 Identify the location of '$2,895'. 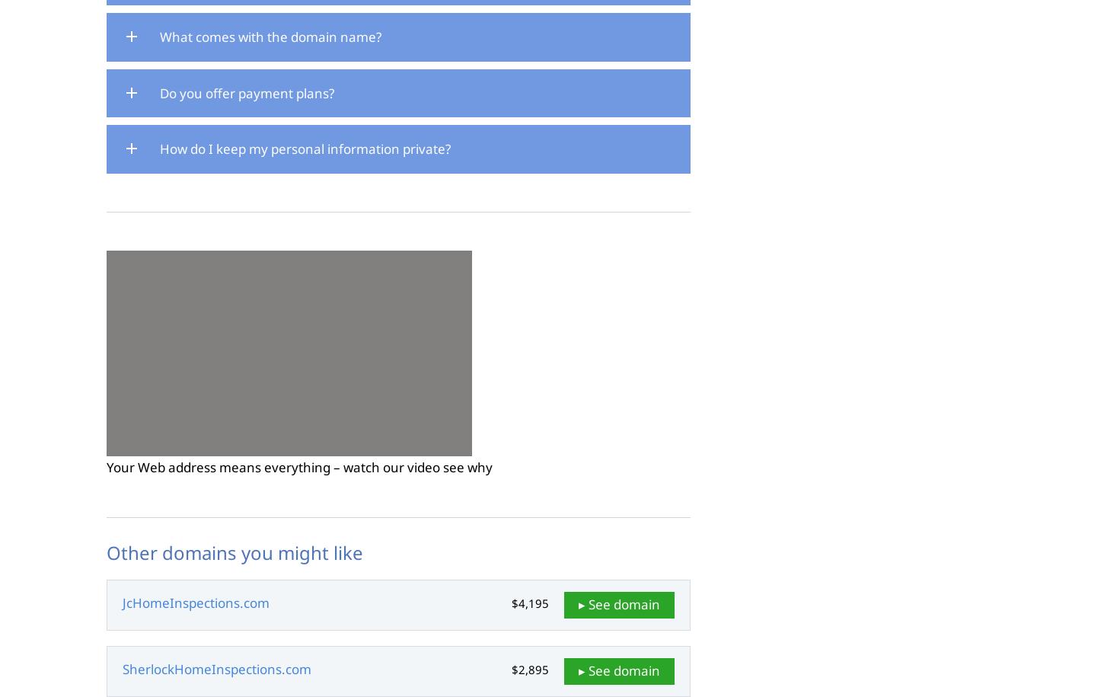
(529, 669).